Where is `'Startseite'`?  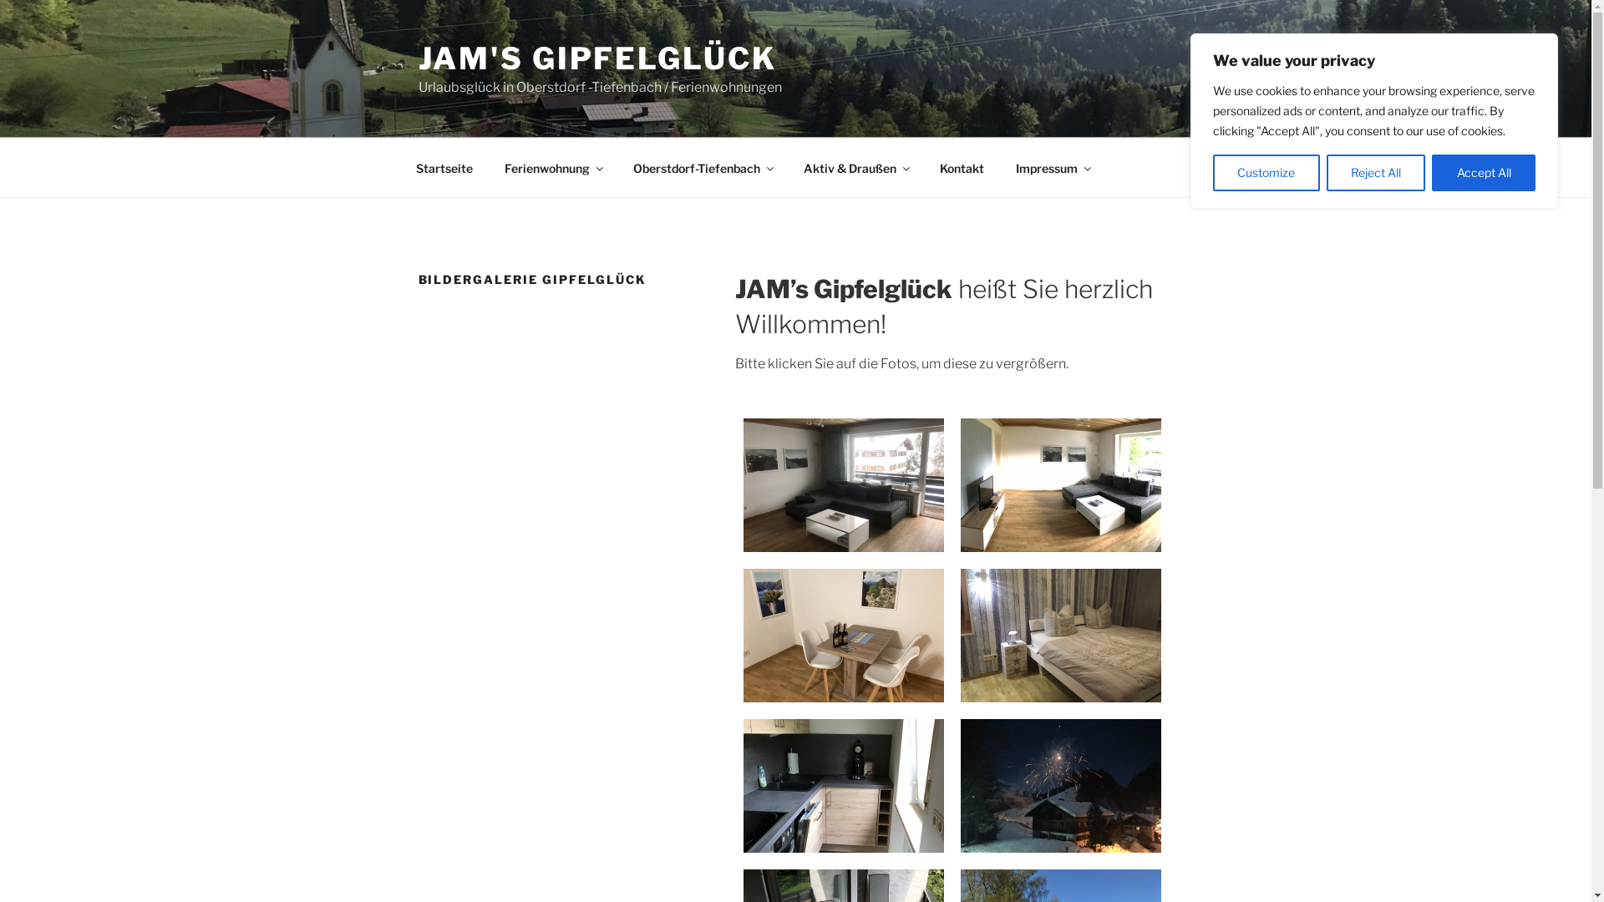
'Startseite' is located at coordinates (444, 167).